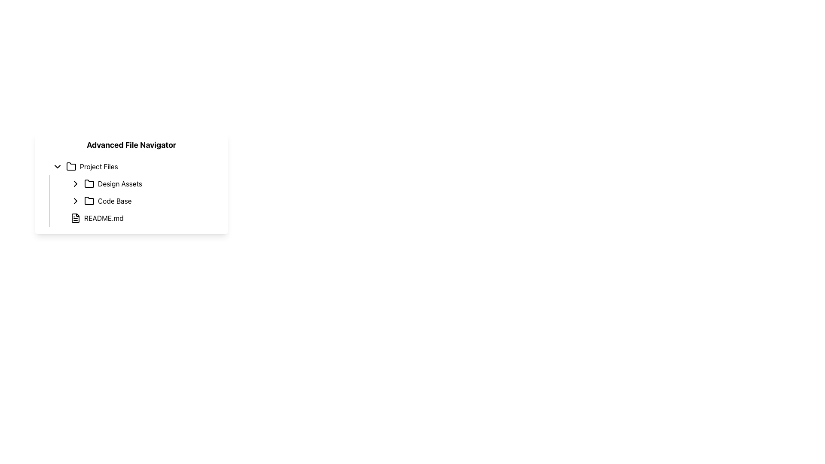 Image resolution: width=825 pixels, height=464 pixels. I want to click on the folder icon representing 'Project Files' located to the left of the text in the file navigation section, so click(71, 167).